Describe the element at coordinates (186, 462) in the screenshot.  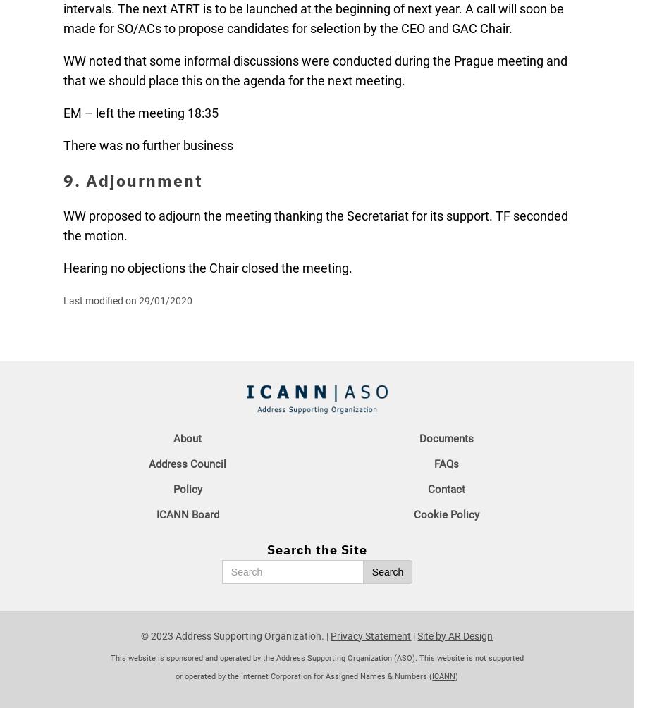
I see `'Address Council'` at that location.